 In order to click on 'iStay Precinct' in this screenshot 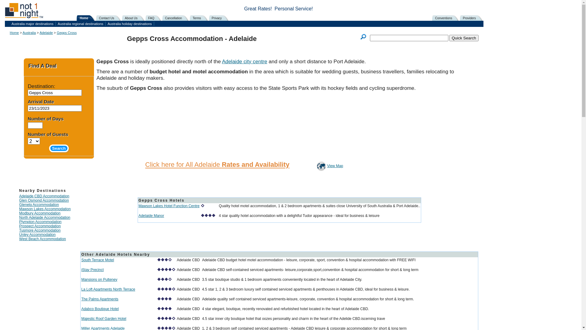, I will do `click(81, 269)`.